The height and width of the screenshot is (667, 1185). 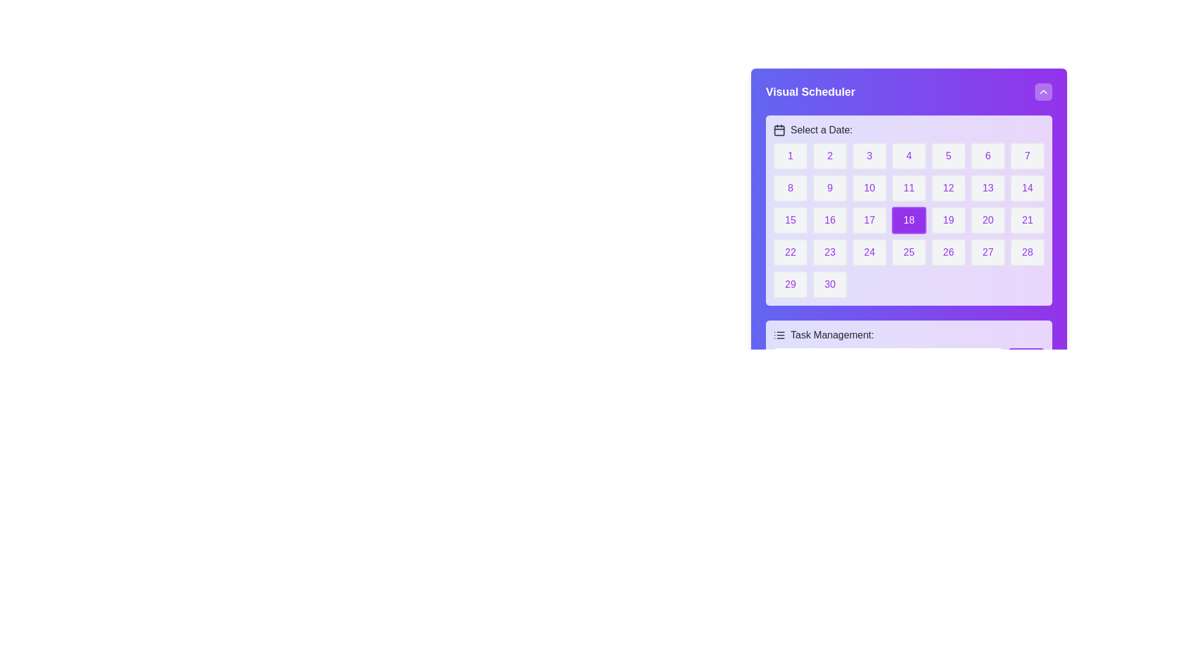 I want to click on the interactive button located in the top-right corner of the header section of the 'Visual Scheduler' component, positioned to the right of the text 'Visual Scheduler', so click(x=1042, y=91).